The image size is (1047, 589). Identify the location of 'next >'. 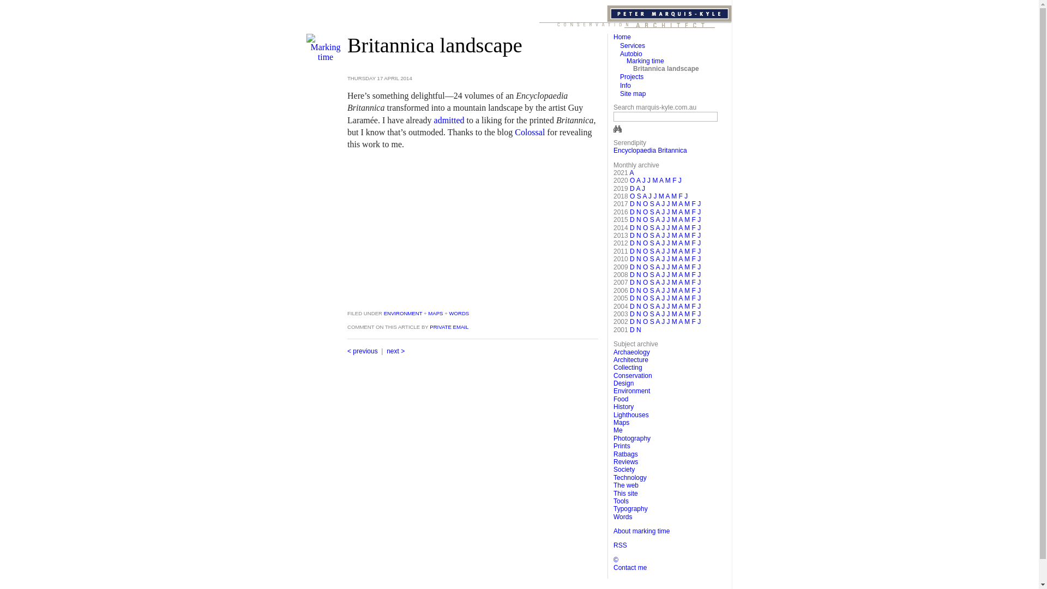
(395, 351).